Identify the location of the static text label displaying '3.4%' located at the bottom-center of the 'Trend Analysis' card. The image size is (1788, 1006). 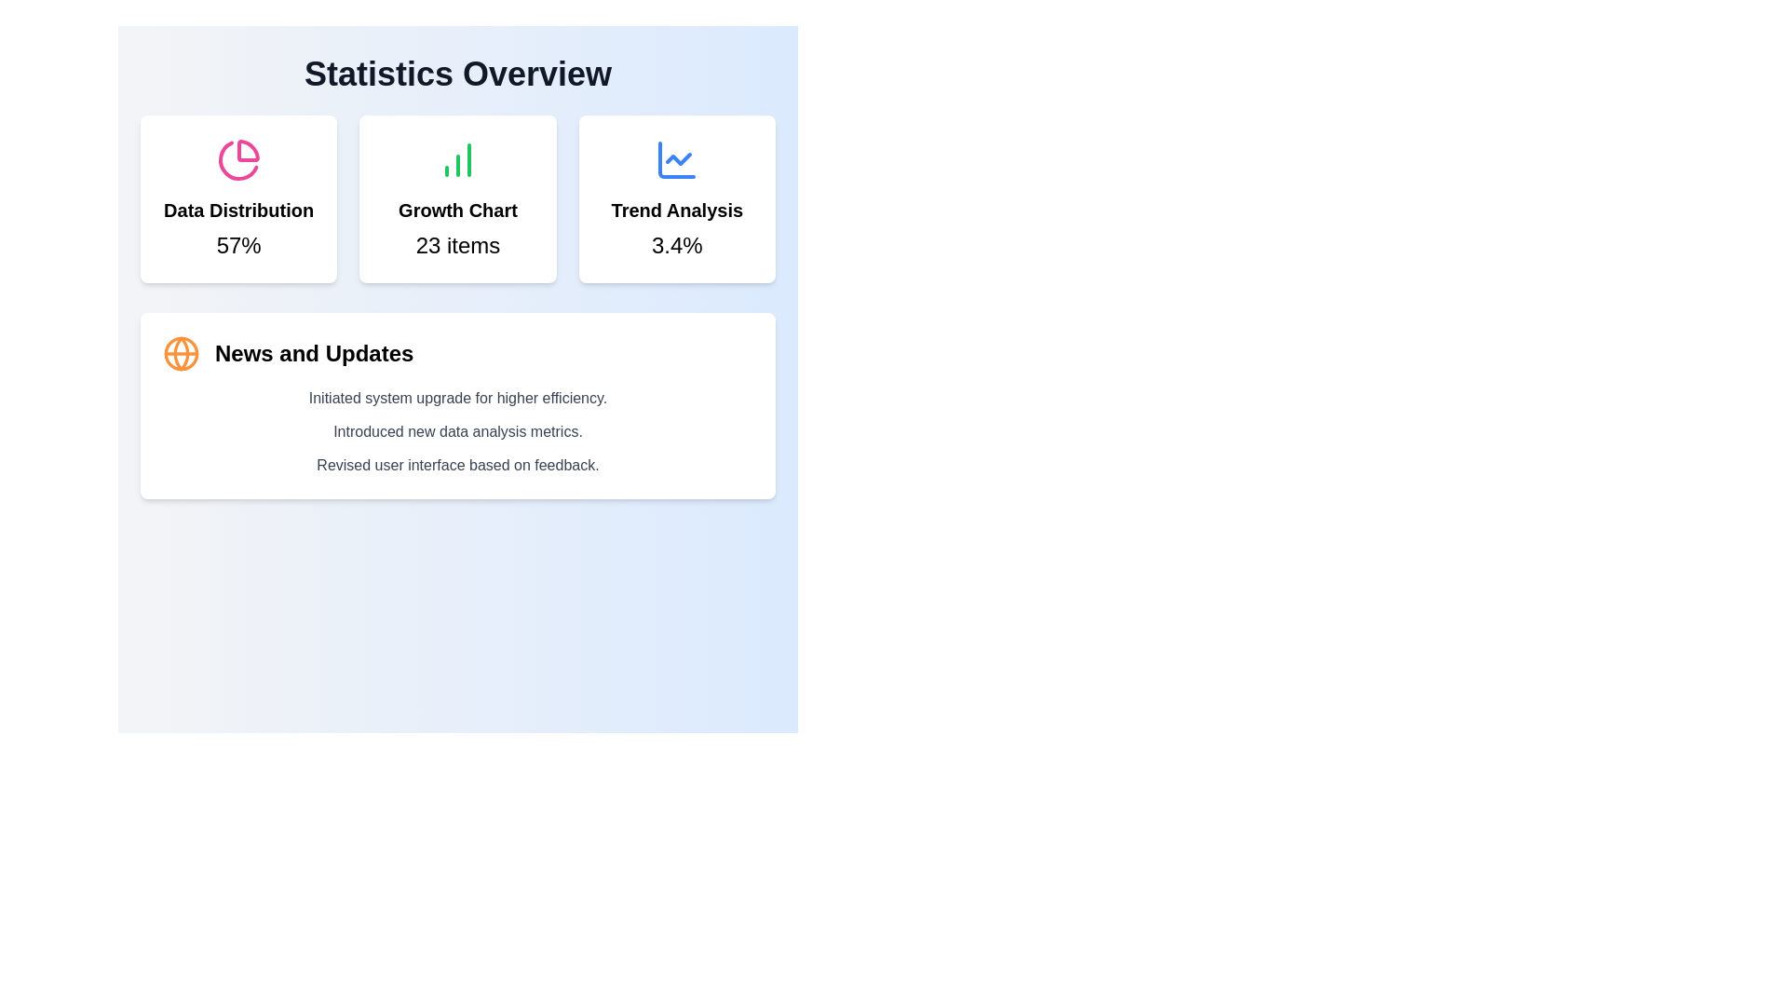
(676, 244).